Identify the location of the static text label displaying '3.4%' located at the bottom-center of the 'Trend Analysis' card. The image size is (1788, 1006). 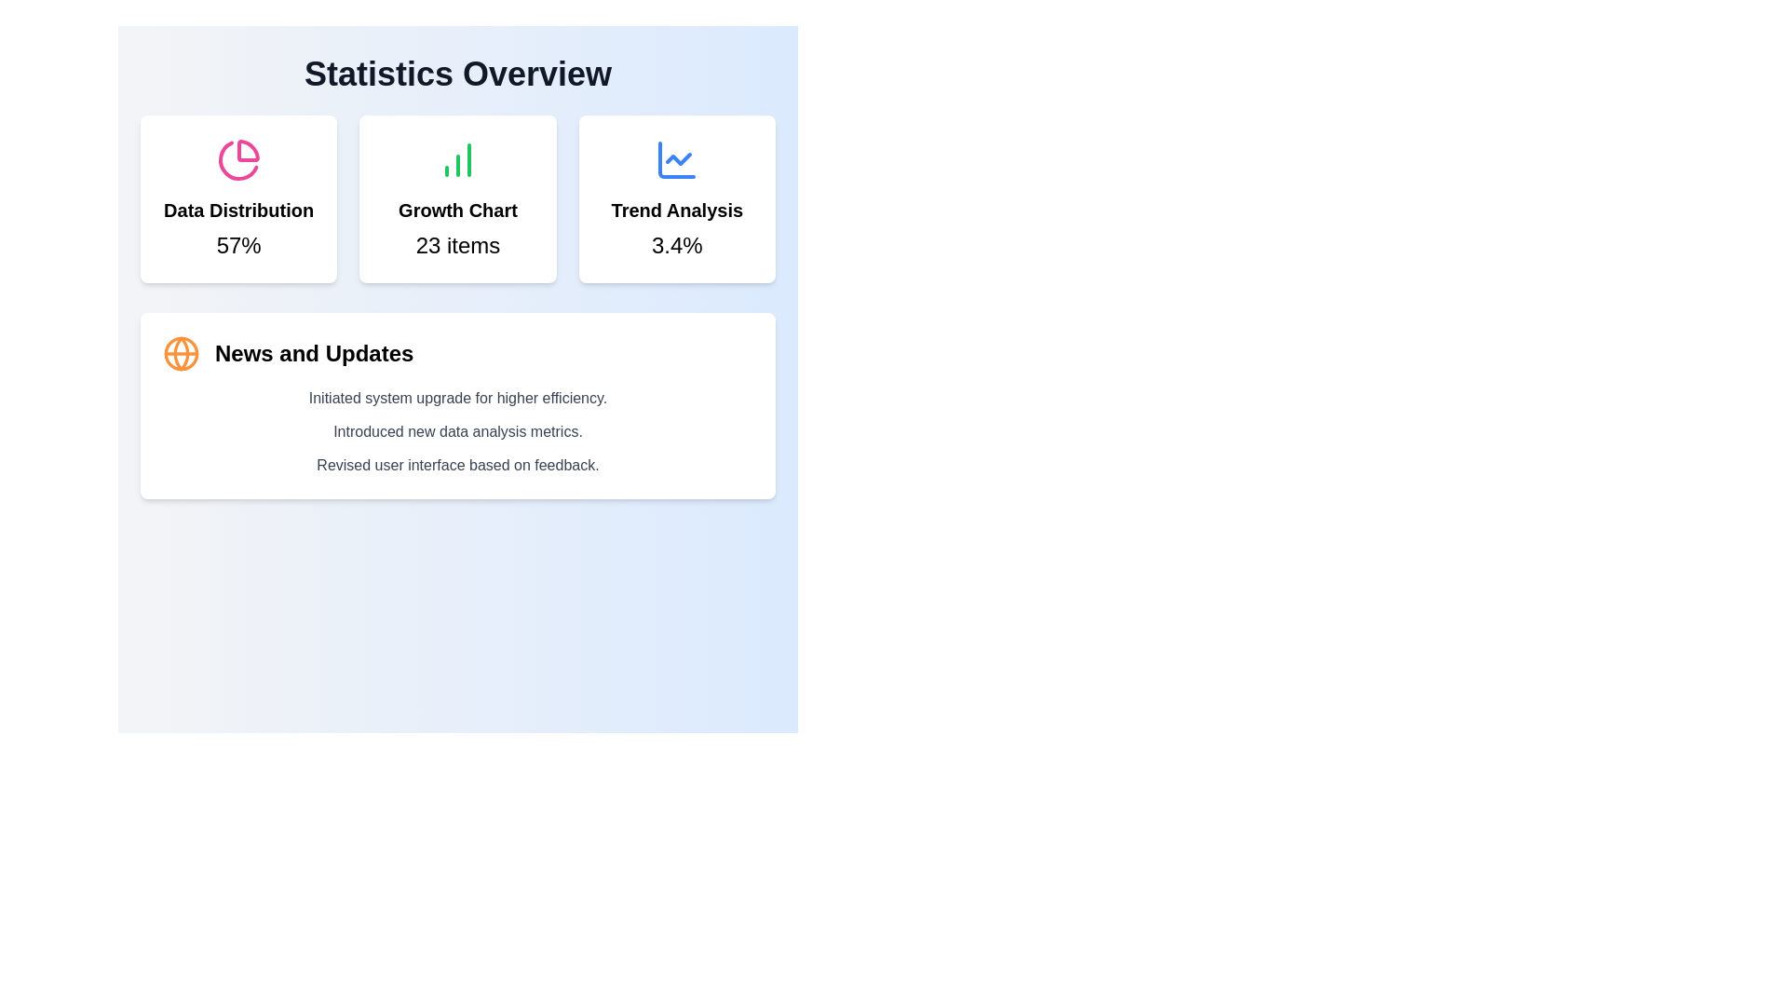
(676, 244).